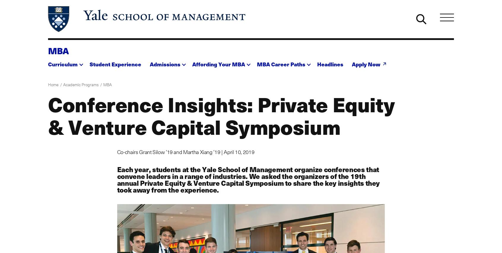 The image size is (502, 253). Describe the element at coordinates (194, 167) in the screenshot. I see `'Previously Recorded MBA Admissions Events'` at that location.